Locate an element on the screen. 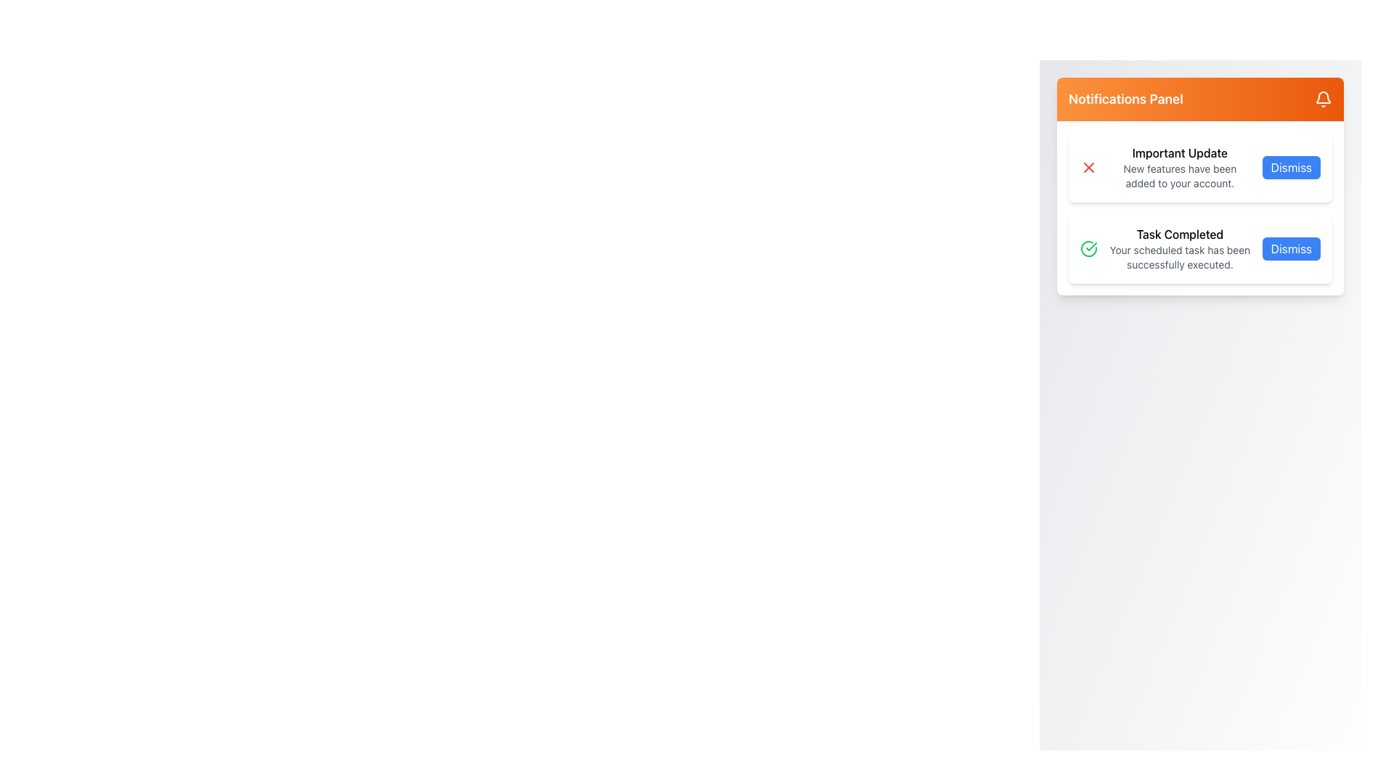 This screenshot has height=784, width=1394. the green circular checkmark icon that indicates success, located to the left of the 'Task Completed' text in the bottom notification card is located at coordinates (1088, 248).